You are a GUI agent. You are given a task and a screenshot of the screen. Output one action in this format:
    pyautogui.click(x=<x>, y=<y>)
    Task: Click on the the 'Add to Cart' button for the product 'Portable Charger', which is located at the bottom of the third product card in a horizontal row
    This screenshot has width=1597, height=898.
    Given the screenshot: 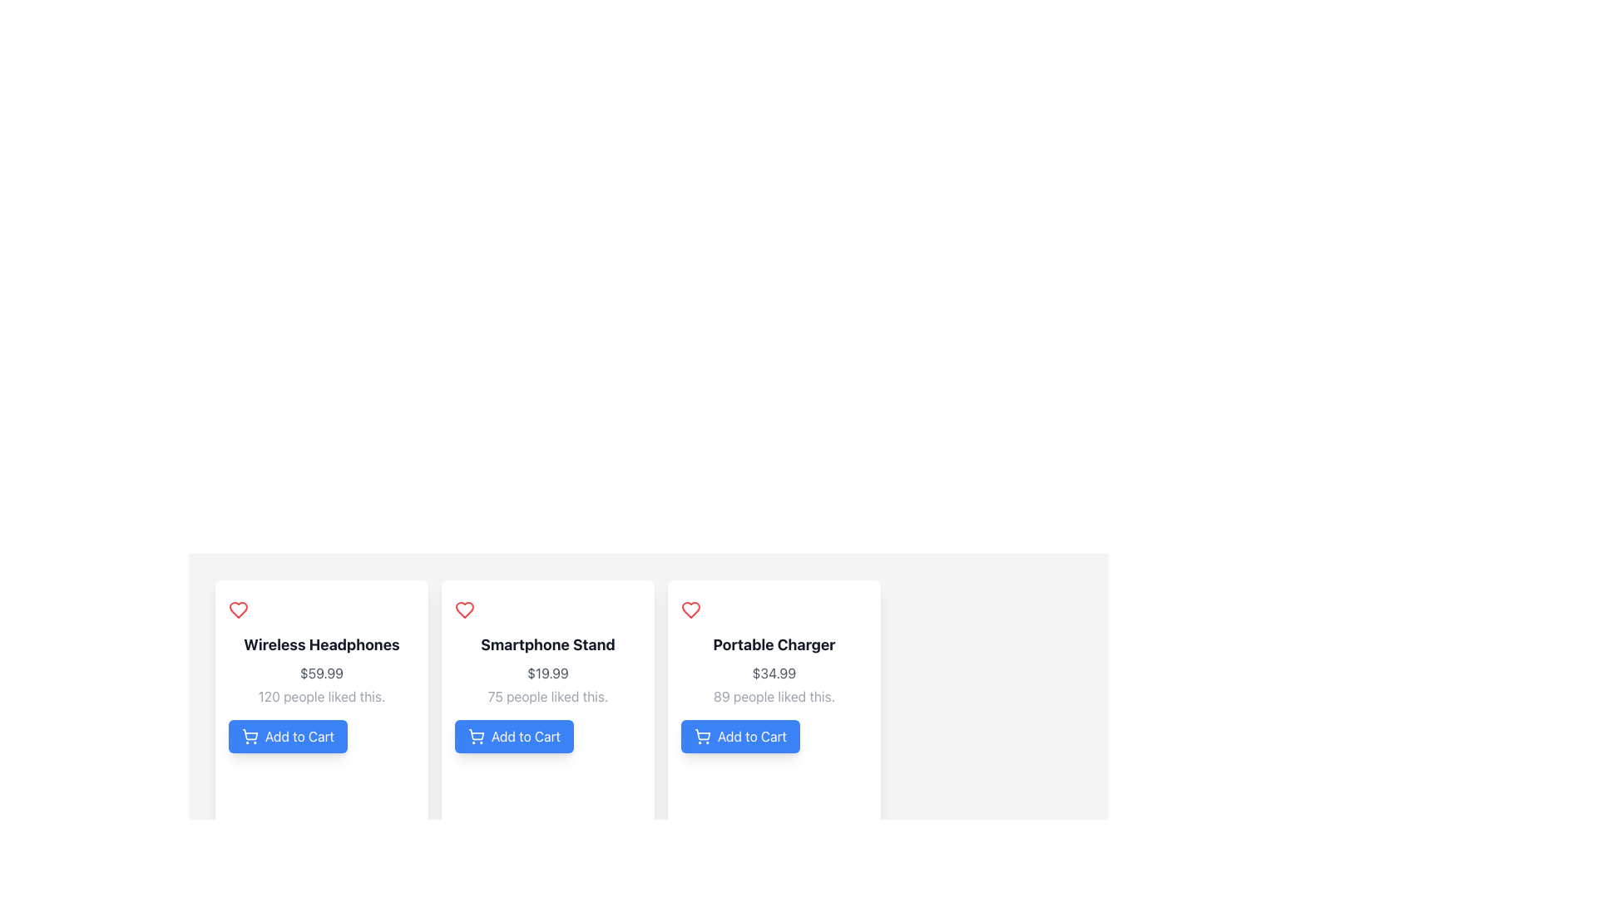 What is the action you would take?
    pyautogui.click(x=739, y=736)
    